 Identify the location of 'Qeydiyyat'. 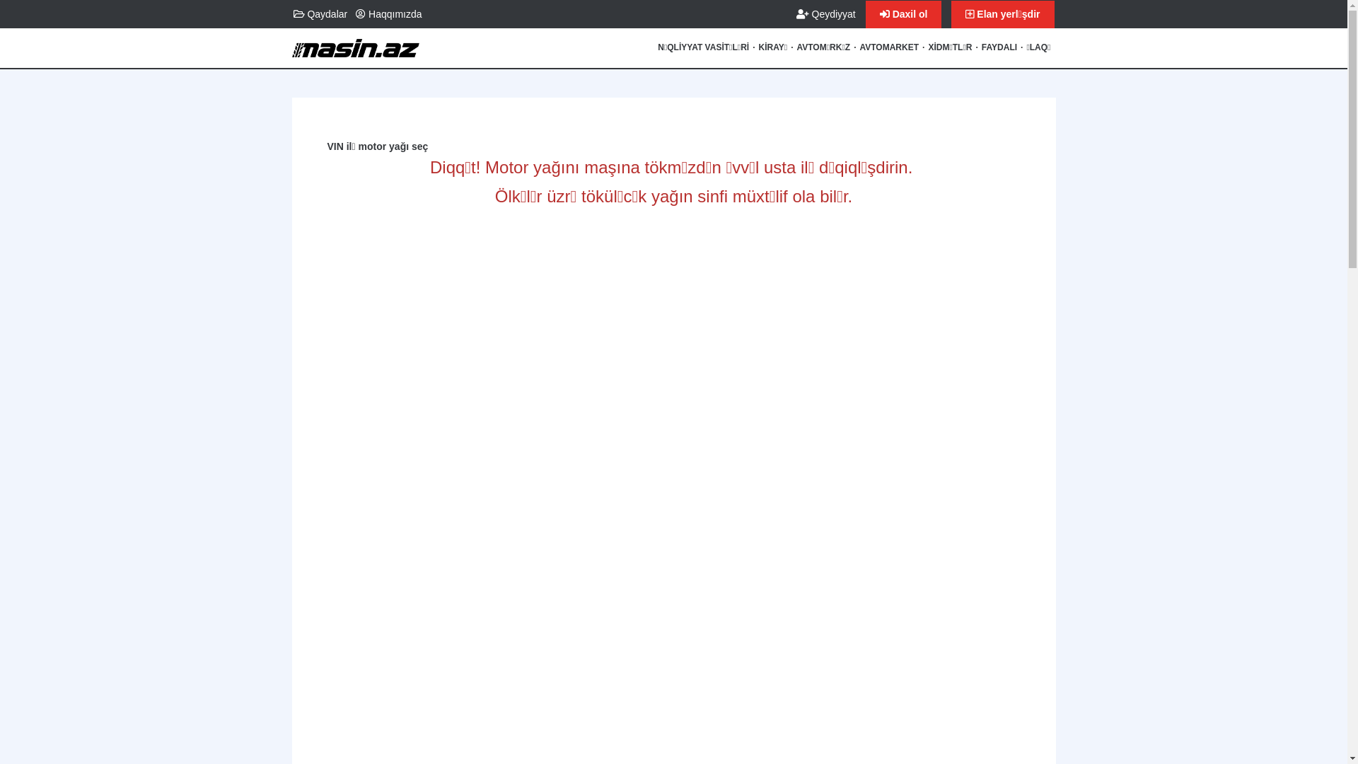
(825, 13).